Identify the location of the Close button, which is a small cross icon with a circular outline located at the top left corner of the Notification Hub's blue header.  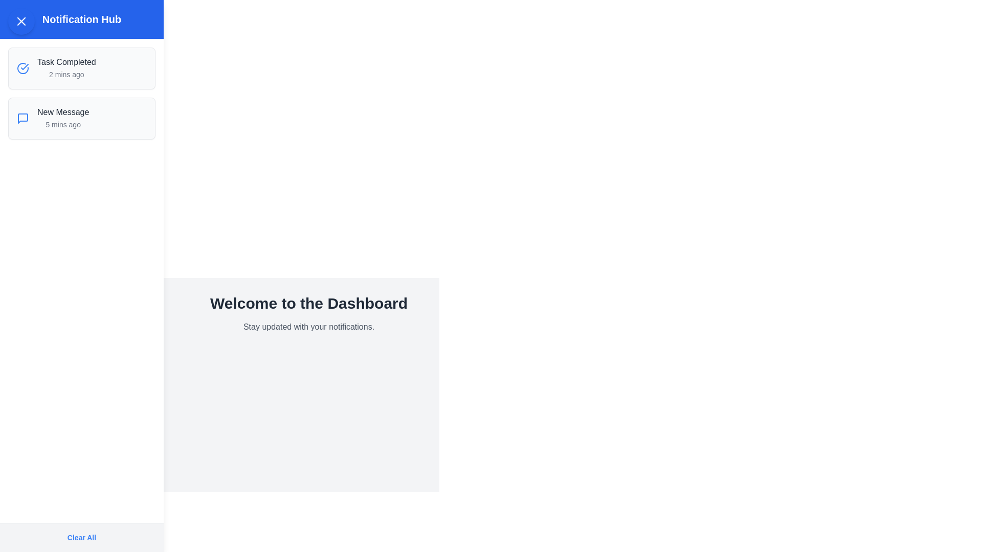
(21, 21).